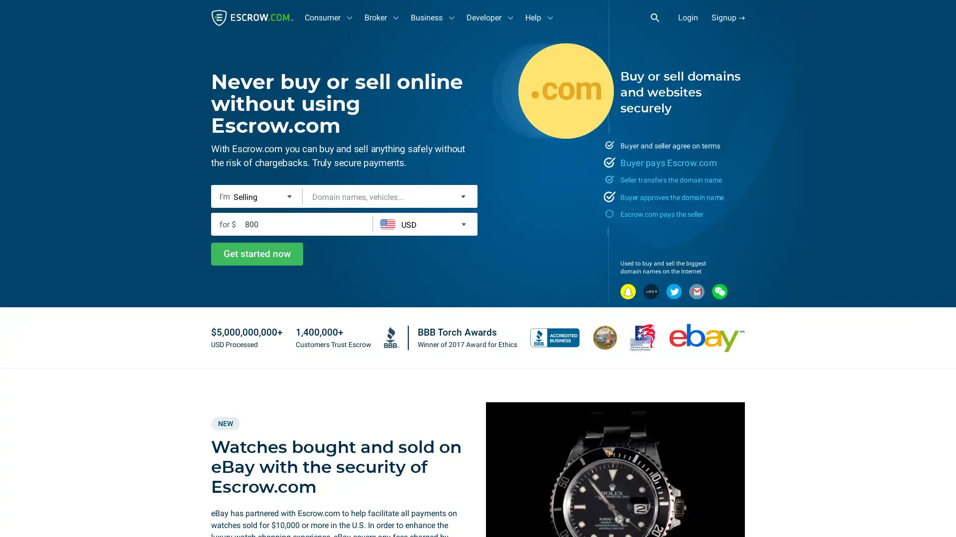 The width and height of the screenshot is (956, 537). Describe the element at coordinates (257, 253) in the screenshot. I see `Get started now` at that location.